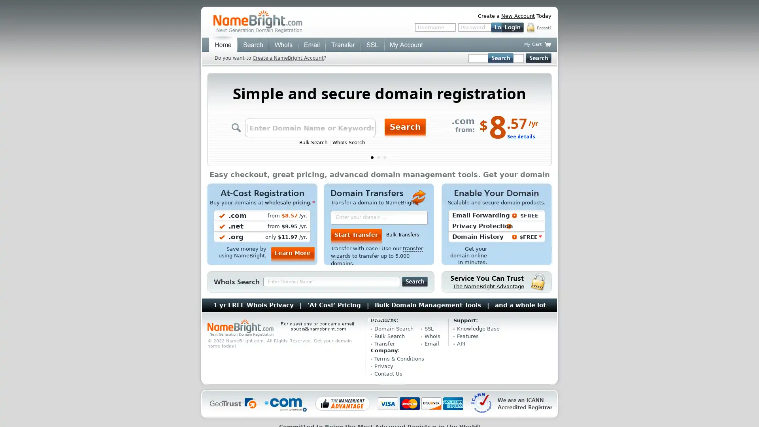 The height and width of the screenshot is (427, 759). I want to click on Start Transfer, so click(356, 236).